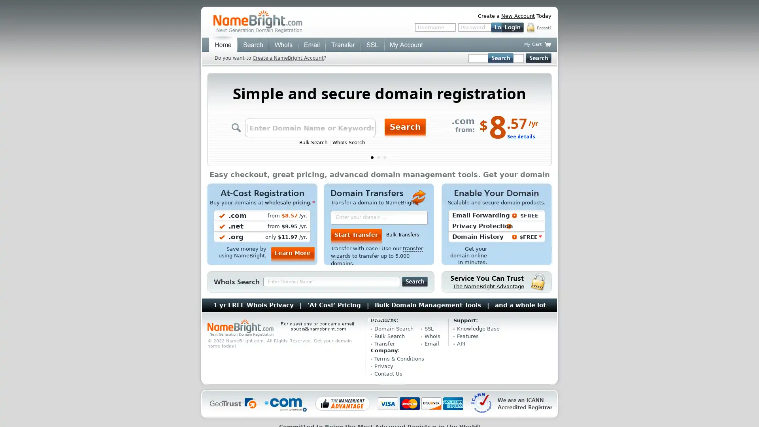 The height and width of the screenshot is (427, 759). I want to click on Start Transfer, so click(356, 236).